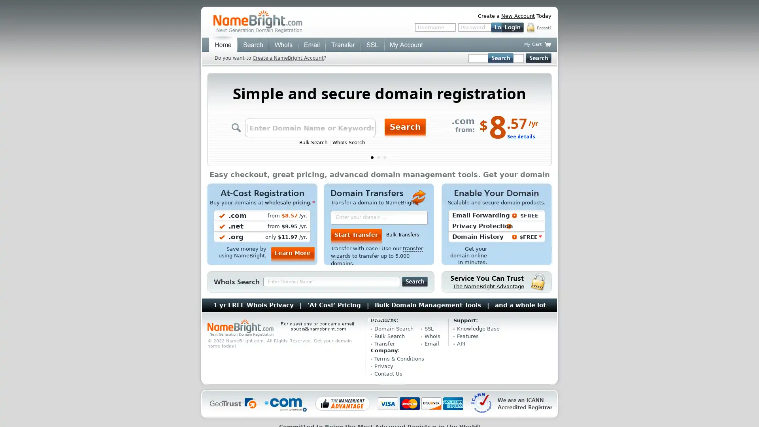 The height and width of the screenshot is (427, 759). I want to click on Start Transfer, so click(356, 236).